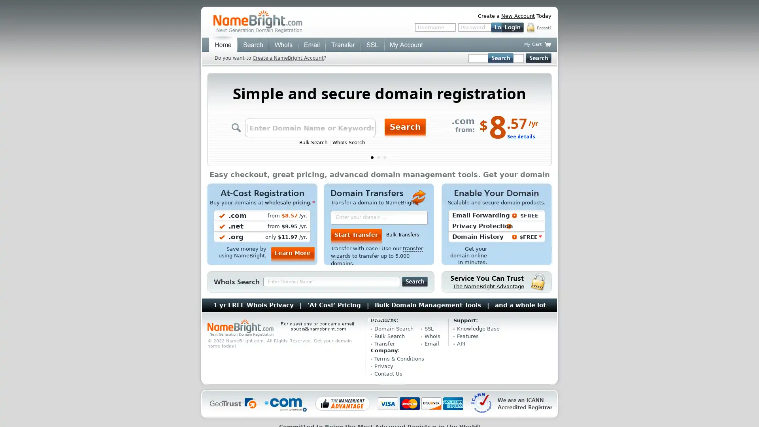 The height and width of the screenshot is (427, 759). I want to click on Start Transfer, so click(356, 236).